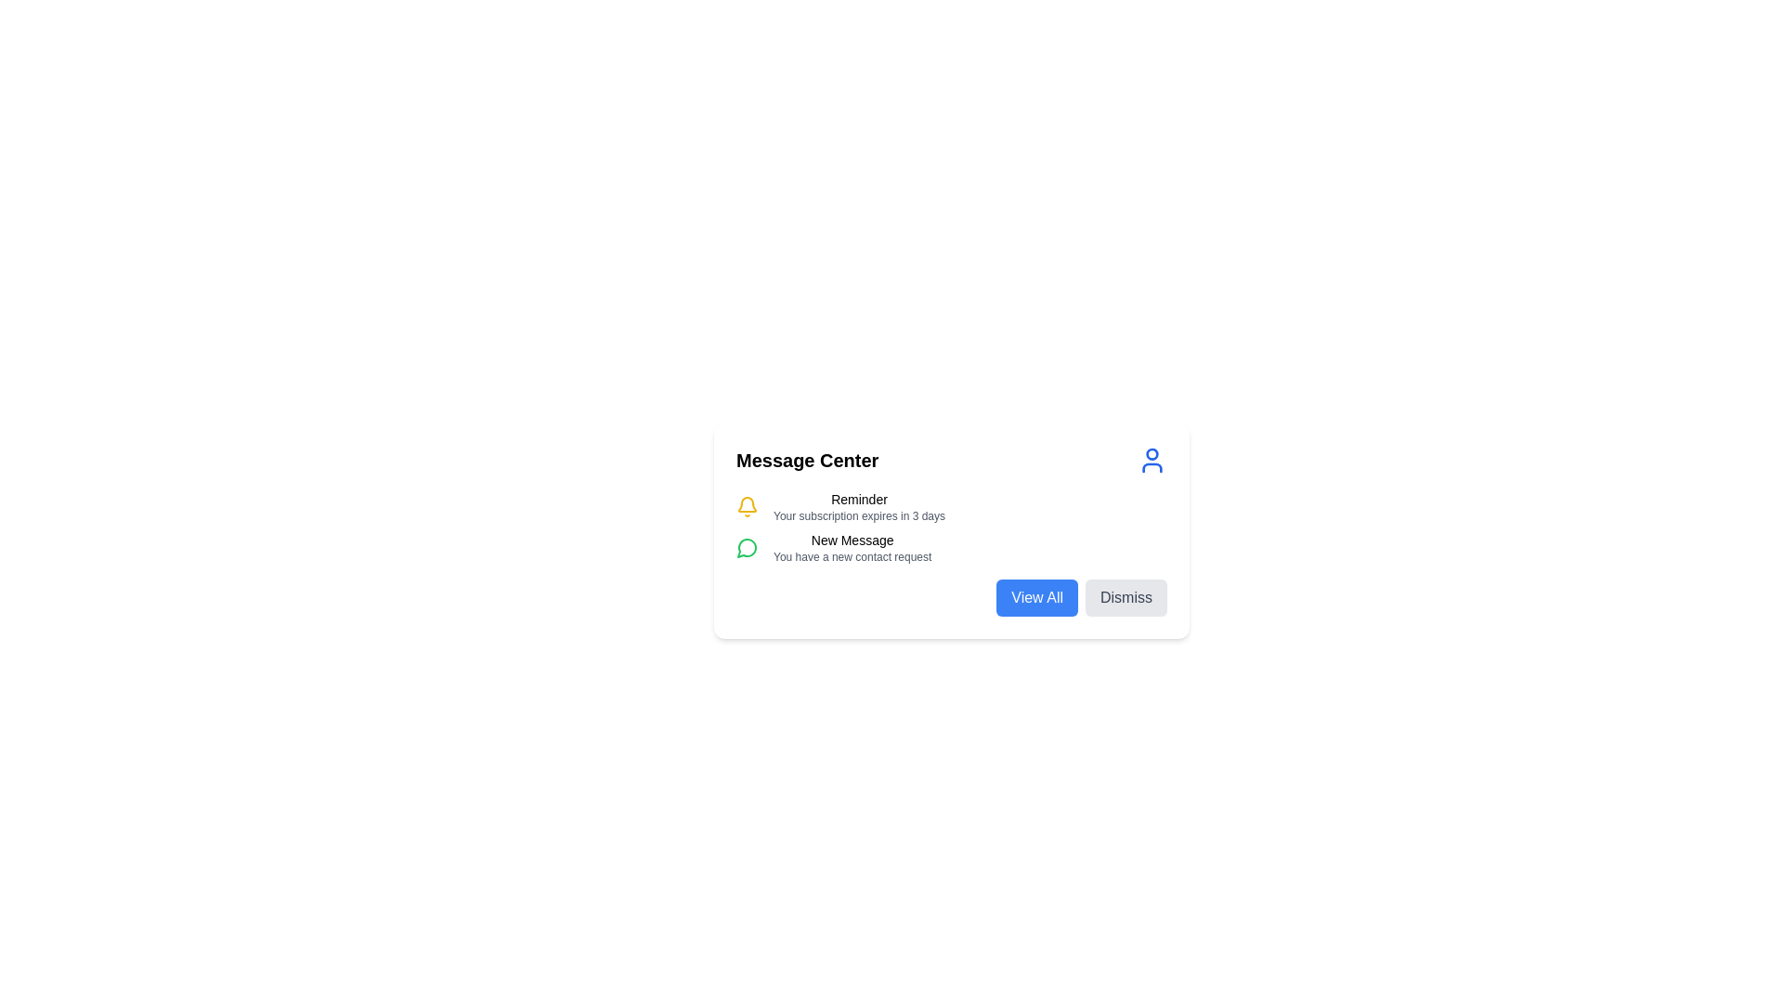 This screenshot has height=1003, width=1783. I want to click on the 'New Message' label, which is a bold text element in black color located in the notification module above the contact request description, so click(852, 541).